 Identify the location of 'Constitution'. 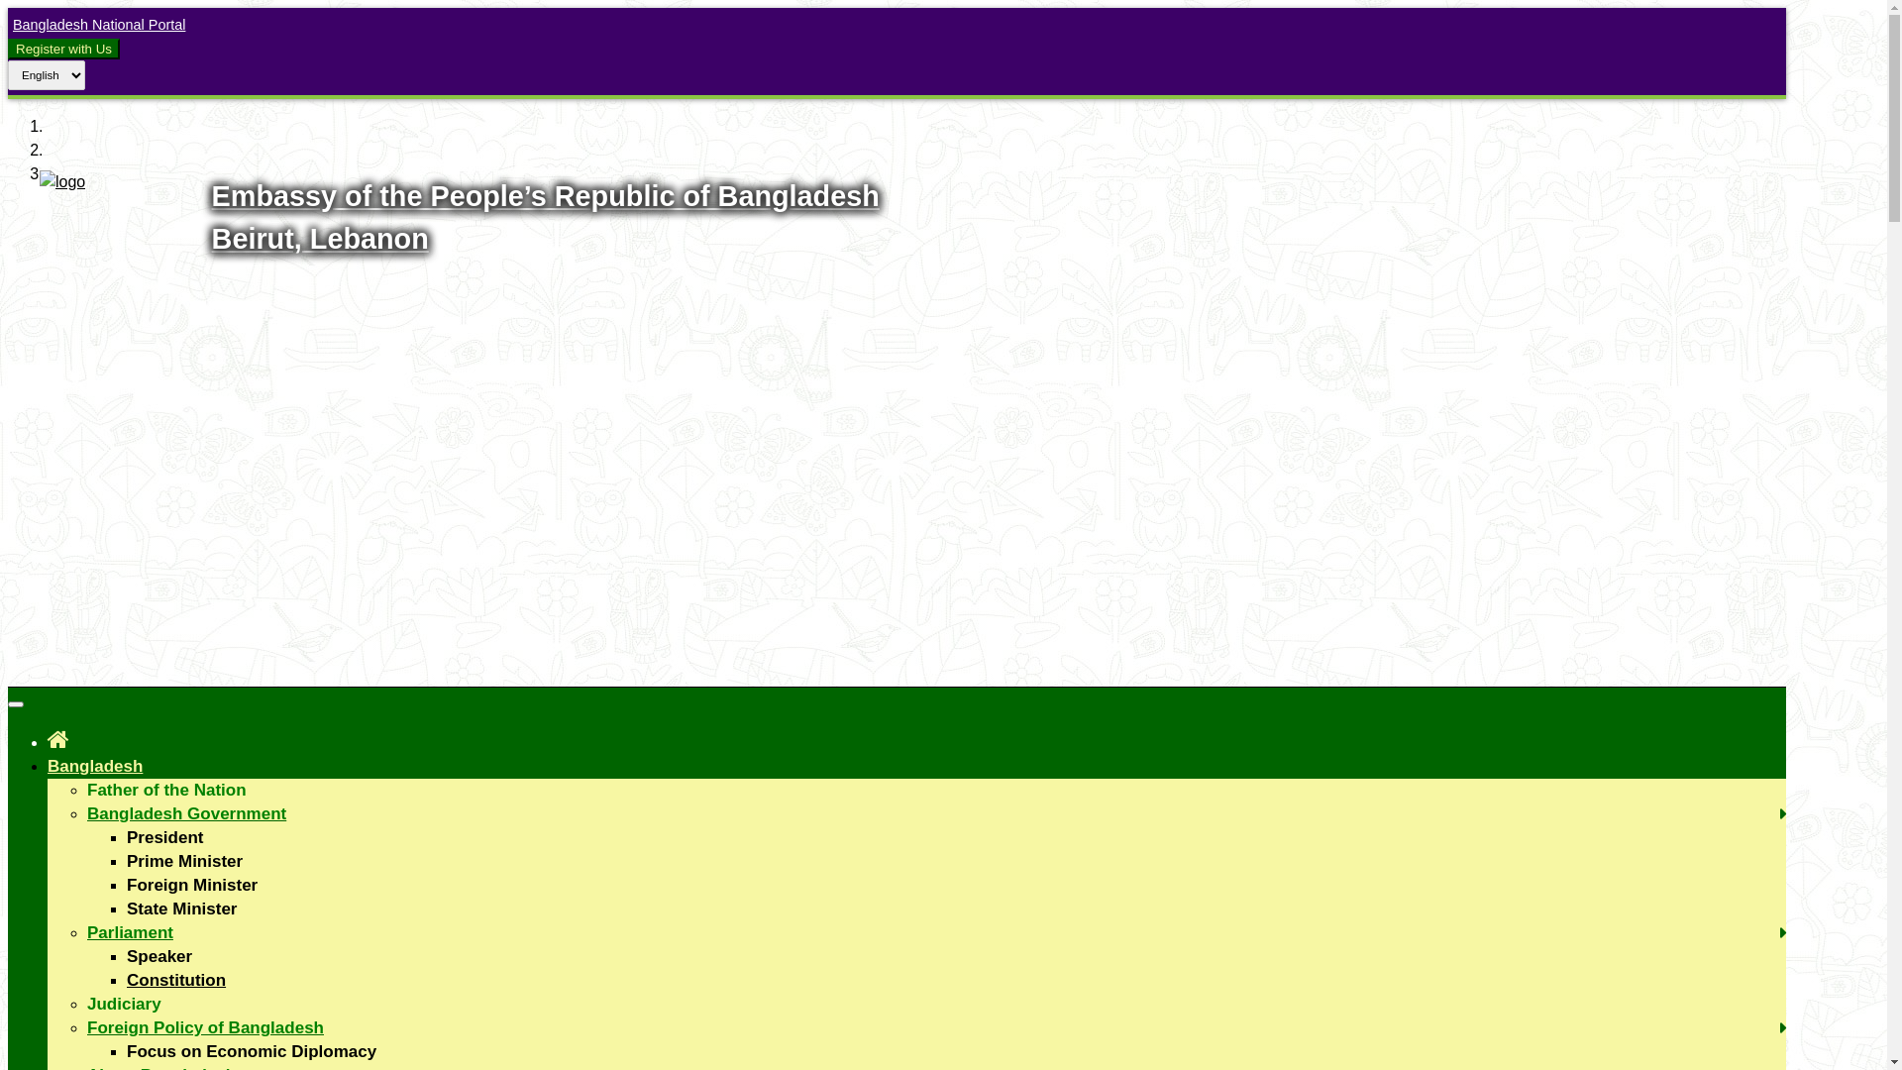
(175, 979).